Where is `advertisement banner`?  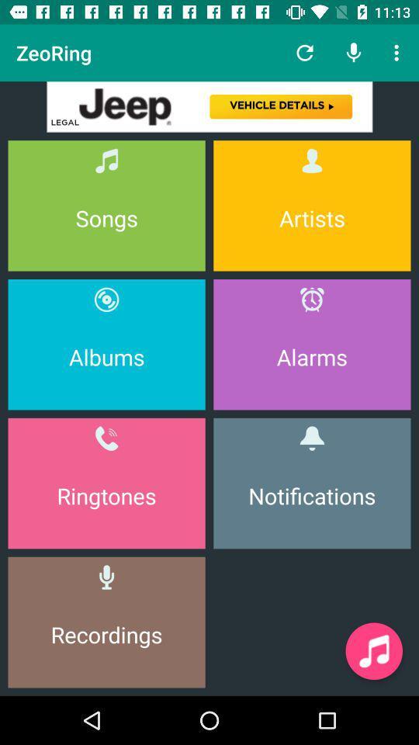 advertisement banner is located at coordinates (209, 106).